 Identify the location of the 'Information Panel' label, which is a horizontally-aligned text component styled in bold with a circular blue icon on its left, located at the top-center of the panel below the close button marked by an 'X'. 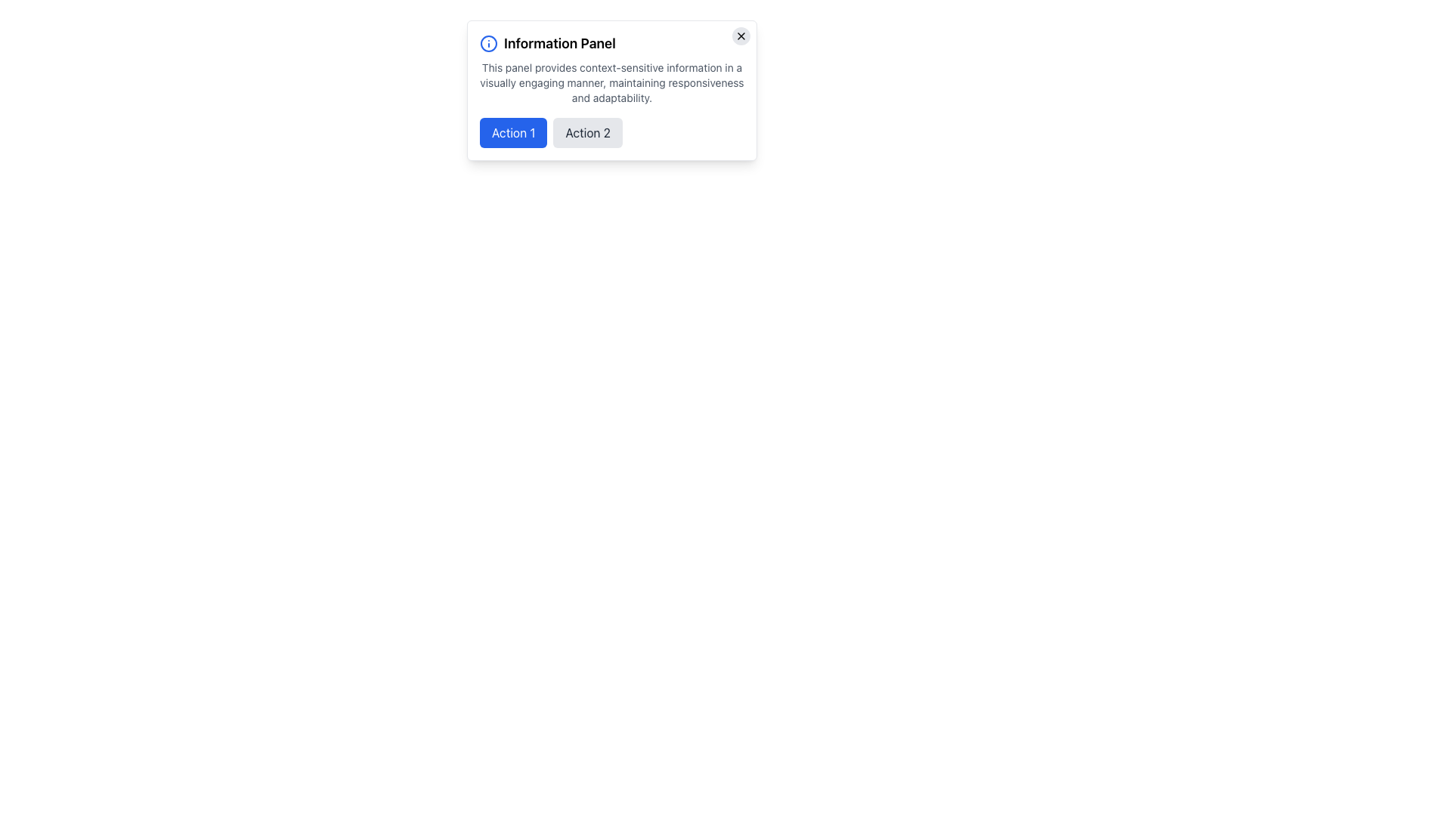
(612, 42).